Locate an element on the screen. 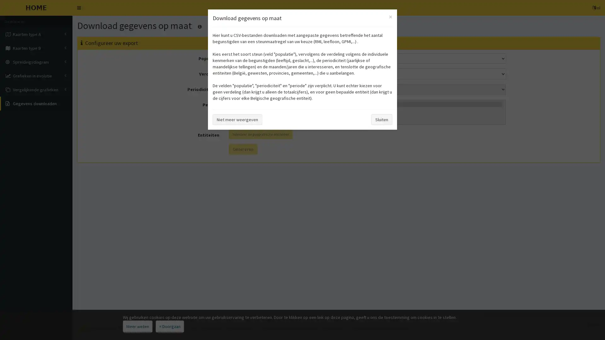 The image size is (605, 340). Niet meer weergeven is located at coordinates (237, 119).